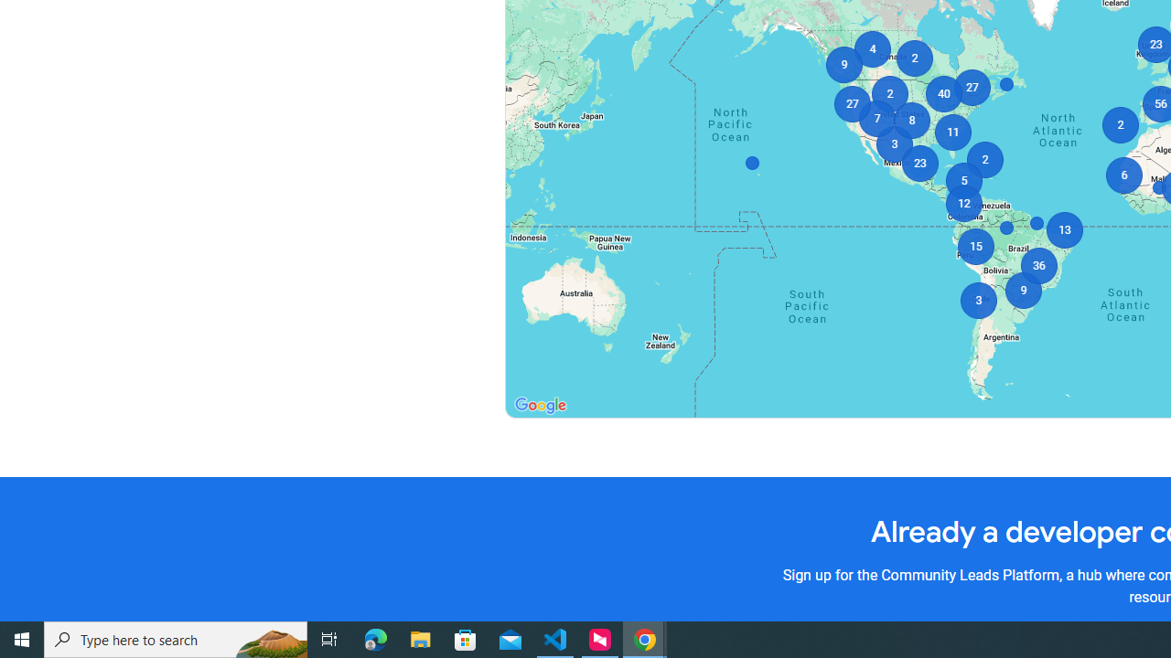 The image size is (1171, 658). Describe the element at coordinates (951, 132) in the screenshot. I see `'11'` at that location.